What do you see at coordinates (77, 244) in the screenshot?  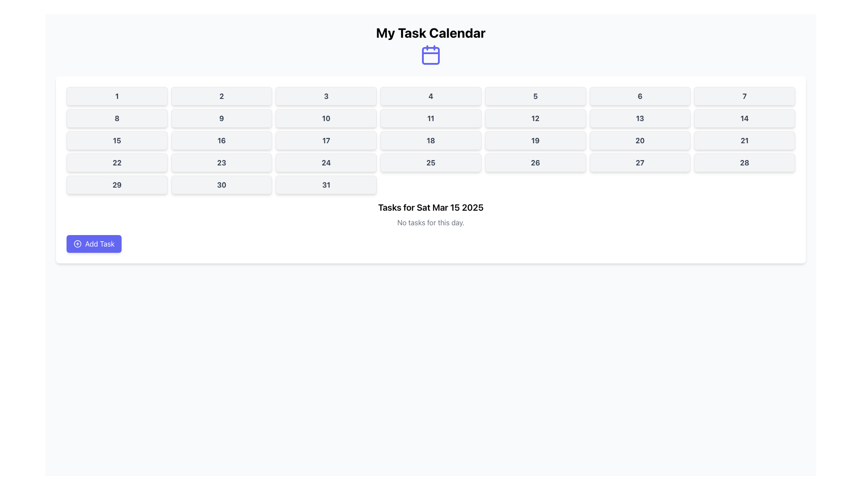 I see `the circular icon representing the 'Add Task' button, which features a plus symbol and is positioned to the left of the text label` at bounding box center [77, 244].